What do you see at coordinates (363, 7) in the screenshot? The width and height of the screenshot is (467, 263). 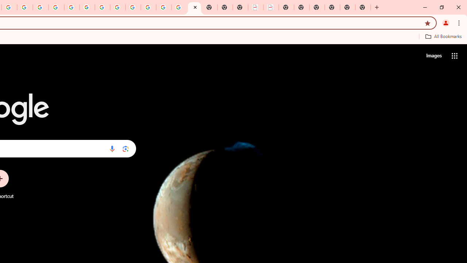 I see `'New Tab'` at bounding box center [363, 7].